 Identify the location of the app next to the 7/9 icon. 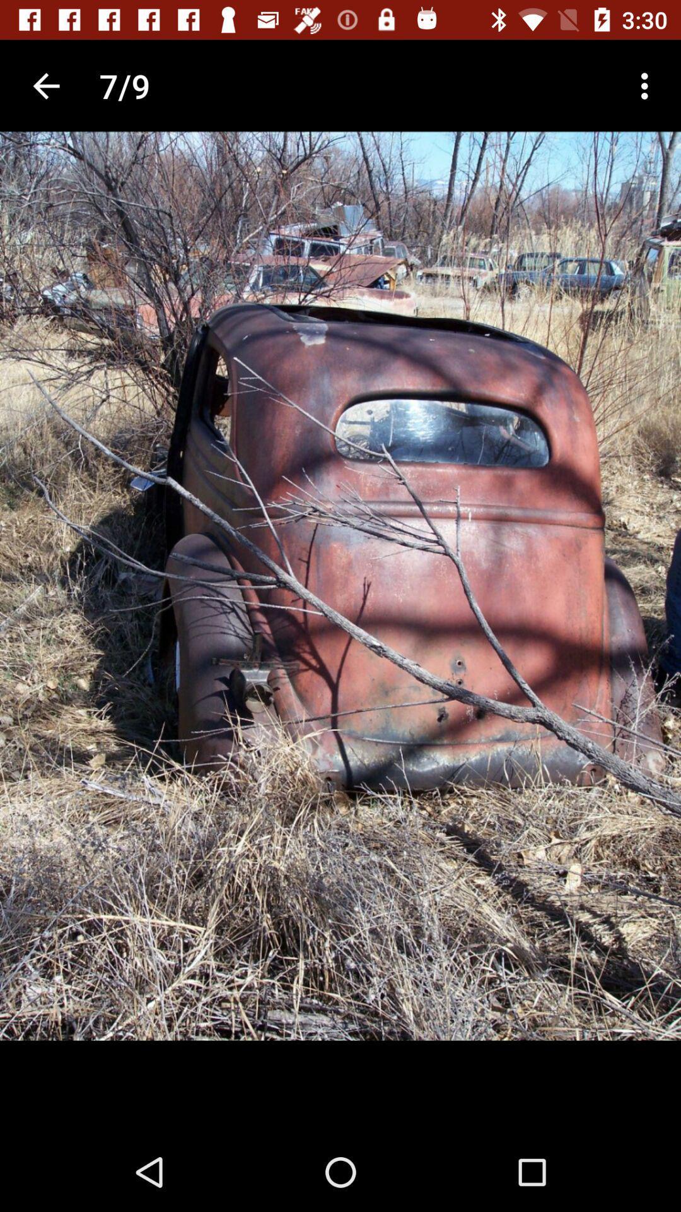
(648, 85).